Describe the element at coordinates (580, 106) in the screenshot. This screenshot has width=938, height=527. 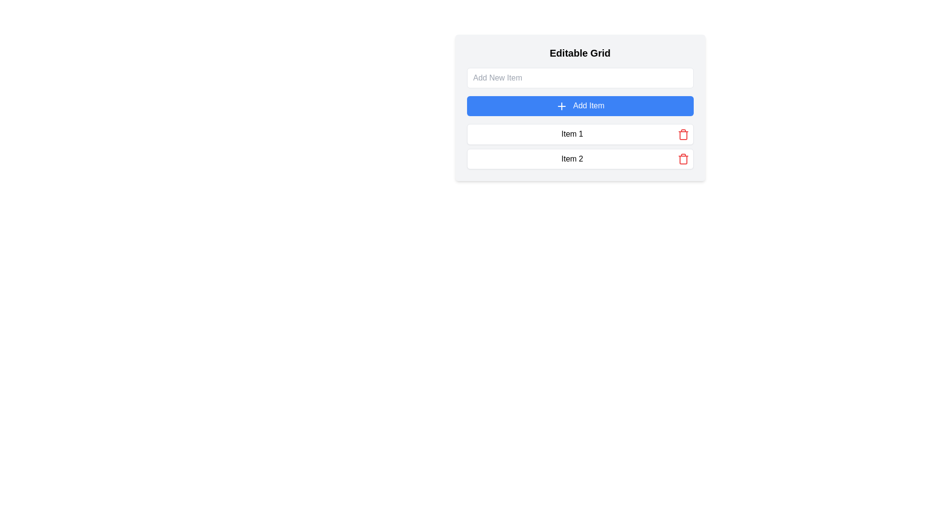
I see `the 'Add New Item' button located directly below the input box and above the item list` at that location.